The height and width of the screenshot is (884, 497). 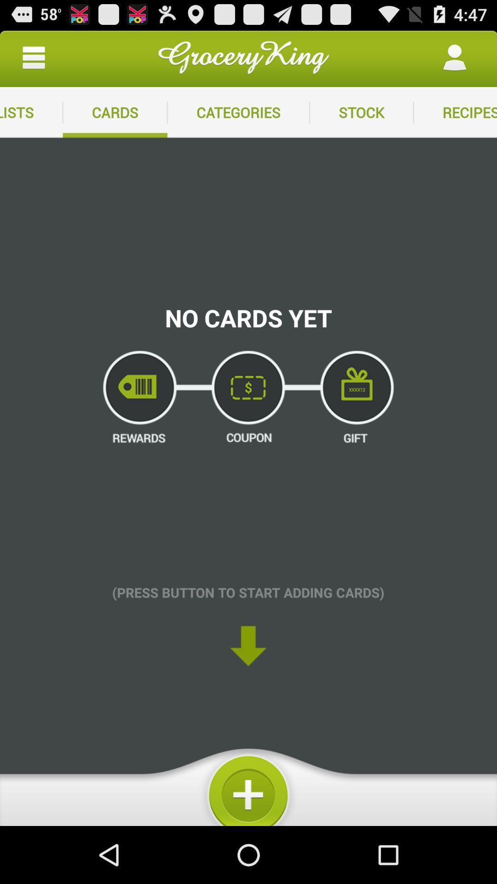 What do you see at coordinates (238, 112) in the screenshot?
I see `the item to the right of the cards app` at bounding box center [238, 112].